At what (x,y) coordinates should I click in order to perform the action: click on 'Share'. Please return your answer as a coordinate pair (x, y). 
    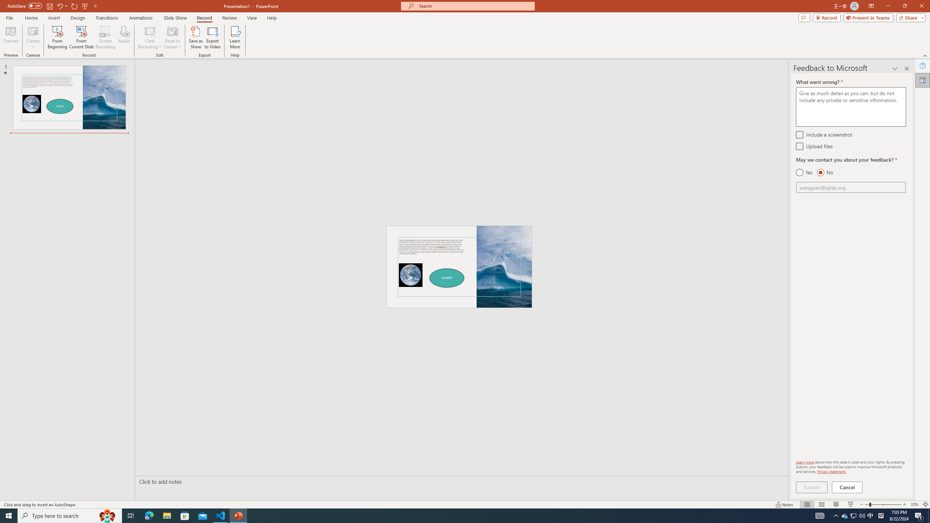
    Looking at the image, I should click on (909, 17).